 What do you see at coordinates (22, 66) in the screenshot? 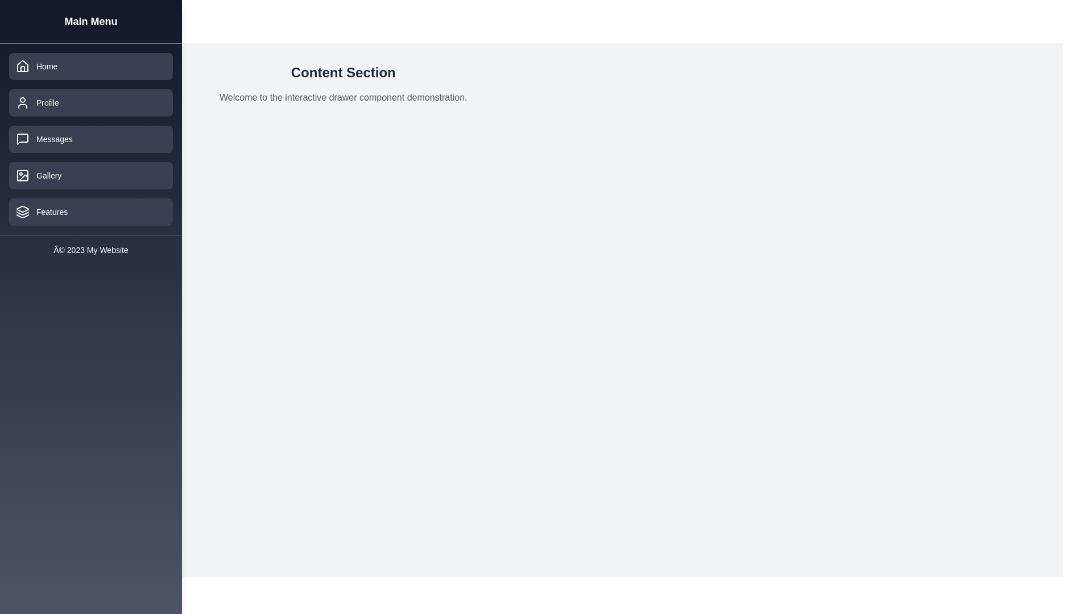
I see `the house icon within the 'Home' button located in the left sidebar menu` at bounding box center [22, 66].